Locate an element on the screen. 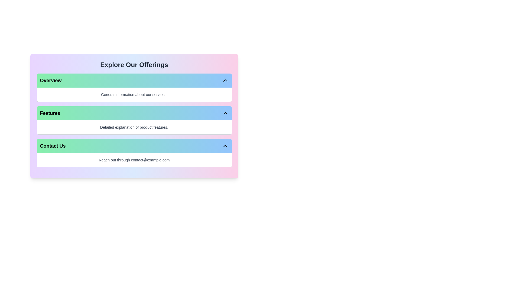 The height and width of the screenshot is (292, 520). the 'Contact Us' collapsible section is located at coordinates (134, 153).